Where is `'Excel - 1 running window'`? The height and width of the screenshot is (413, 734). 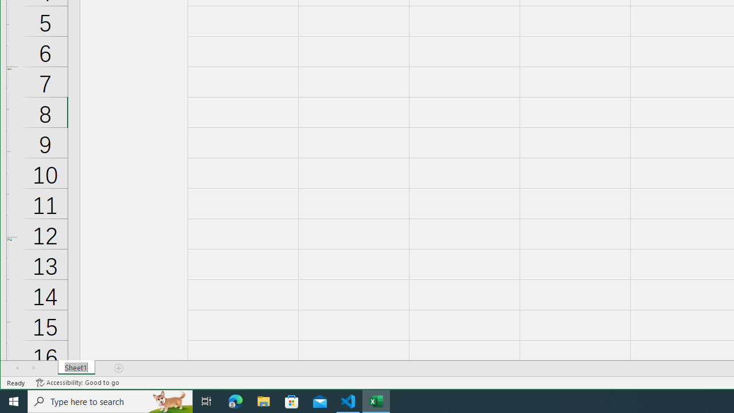 'Excel - 1 running window' is located at coordinates (376, 400).